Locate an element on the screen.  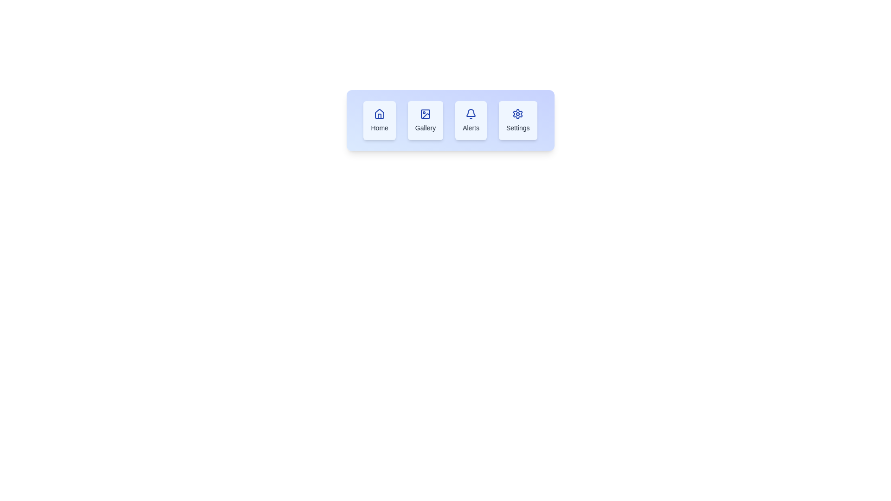
the 'Home' text label, which is centrally positioned below a house icon in the first button of a horizontal menu containing four buttons is located at coordinates (380, 128).